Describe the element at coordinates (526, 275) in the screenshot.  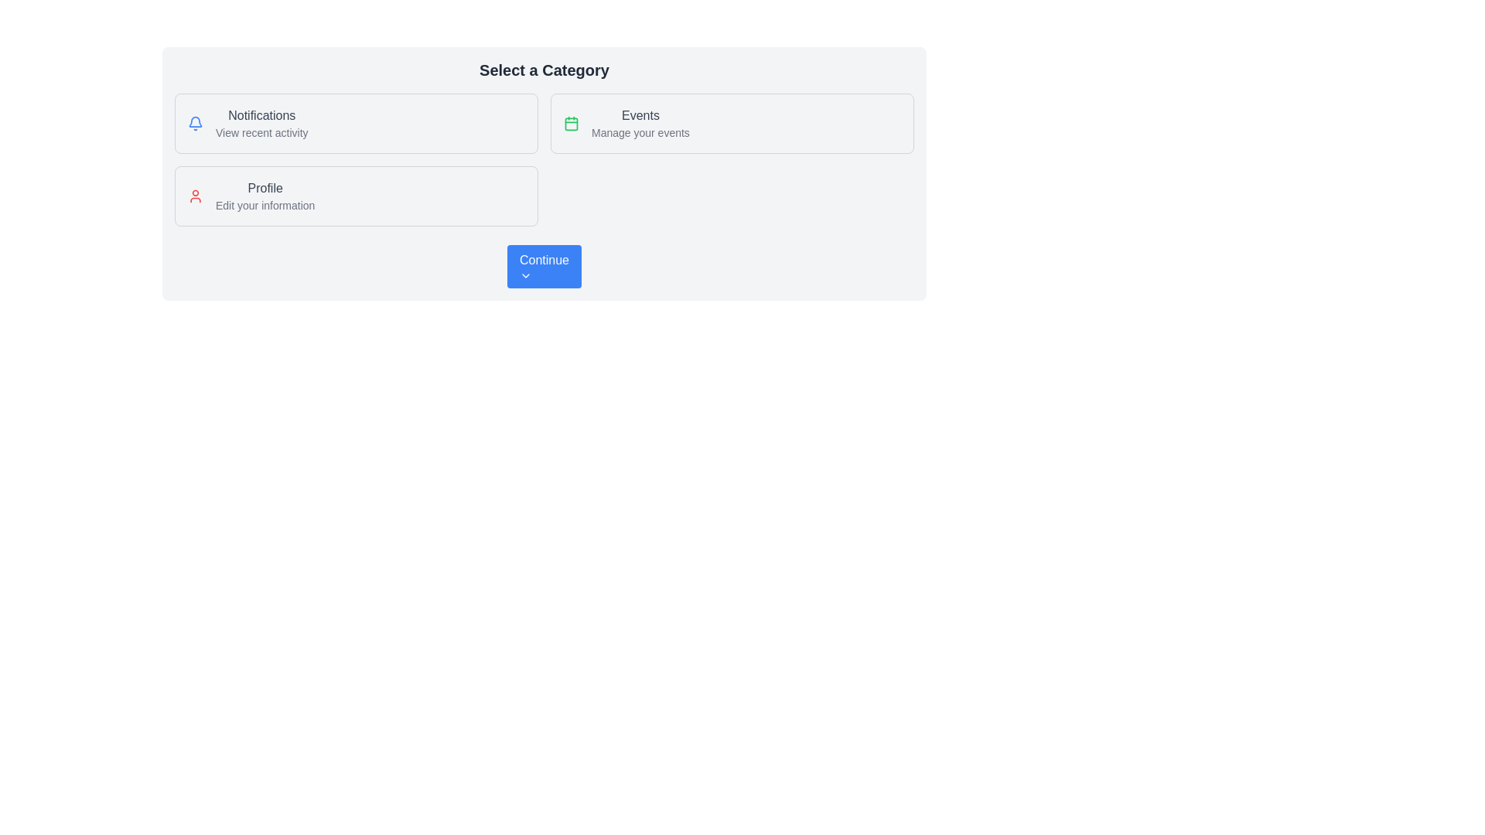
I see `the function of the Chevron-Down icon located on the right side of the 'Continue' button at the bottom of the card layout` at that location.